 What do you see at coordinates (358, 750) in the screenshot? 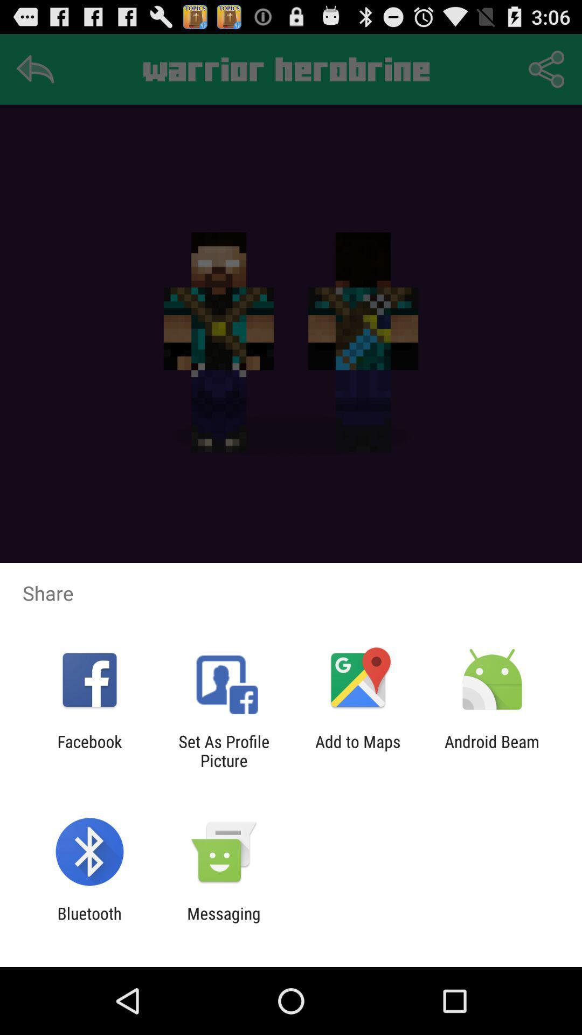
I see `the item next to set as profile item` at bounding box center [358, 750].